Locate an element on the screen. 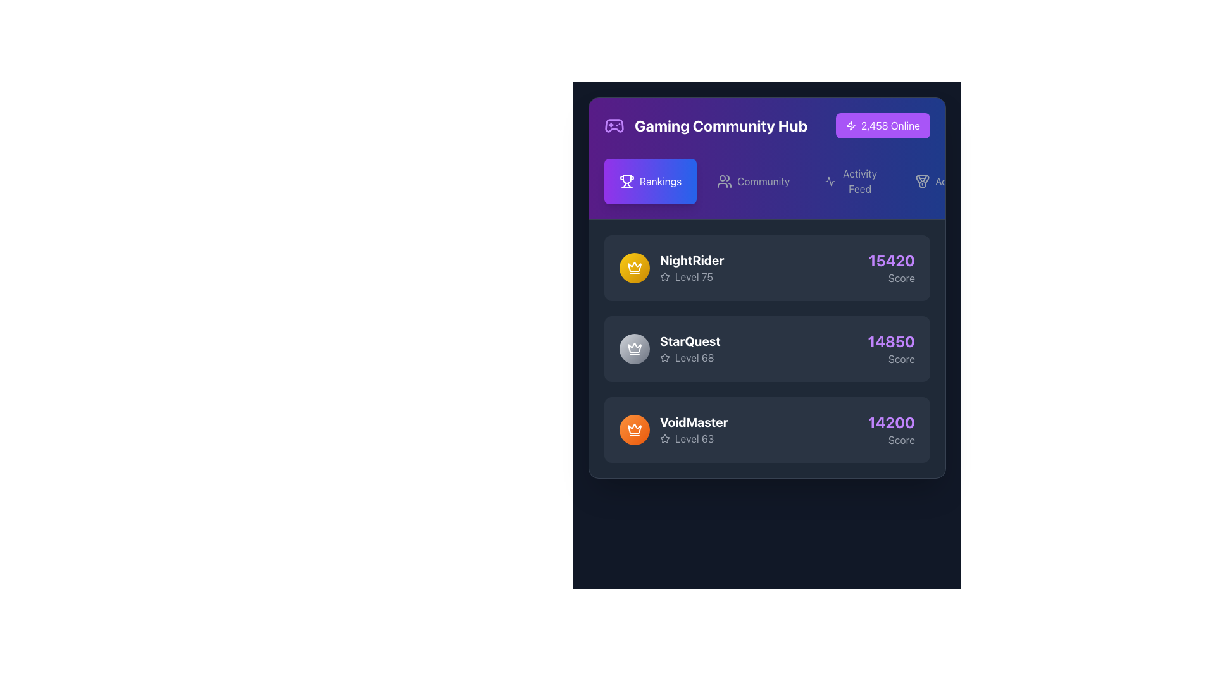 This screenshot has height=683, width=1215. the bold, brightly colored numerical text '14200' styled with purple, located in the right-aligned section of the row for 'VoidMaster' above the 'Score' element is located at coordinates (890, 422).